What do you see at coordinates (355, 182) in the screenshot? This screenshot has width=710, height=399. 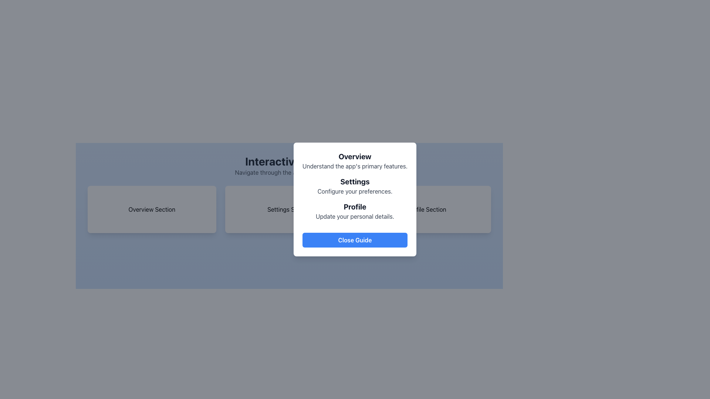 I see `the 'Settings' static text label, which is styled as a section title in bold, black font, located prominently on a white pop-up card` at bounding box center [355, 182].